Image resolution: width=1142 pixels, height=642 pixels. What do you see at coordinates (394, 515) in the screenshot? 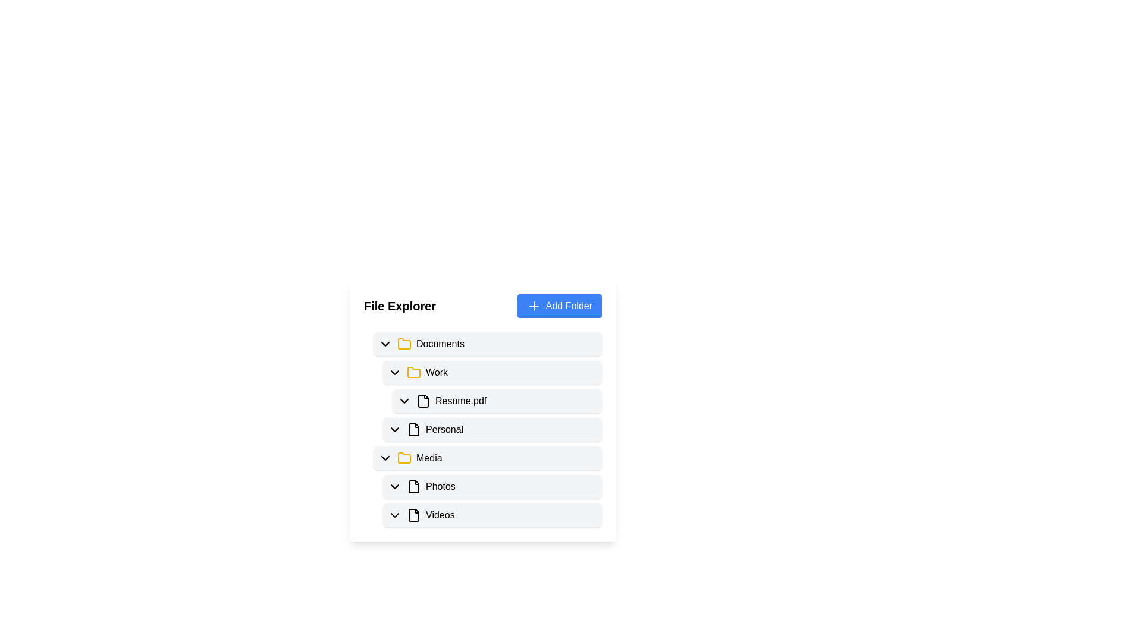
I see `the leftmost icon within the 'Videos' entry of the hierarchical navigation menu` at bounding box center [394, 515].